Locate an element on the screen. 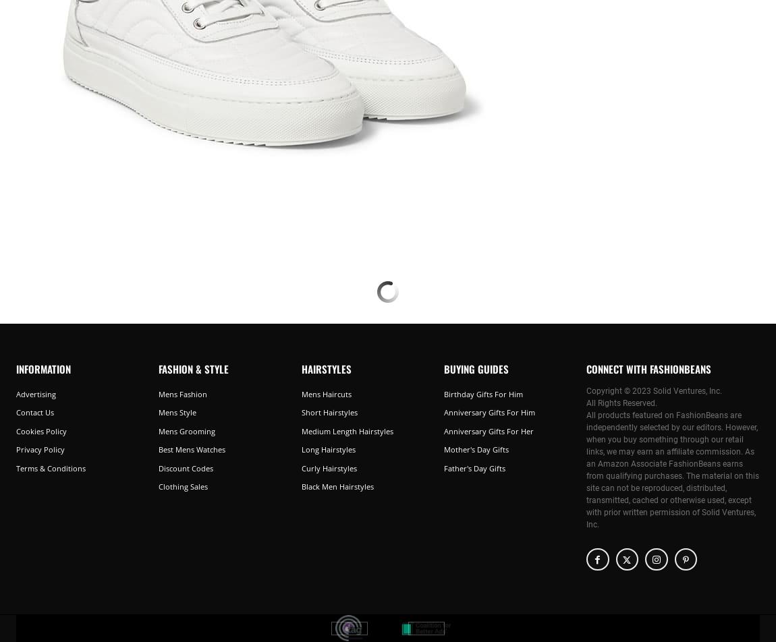 The image size is (776, 642). 'Black Men Hairstyles' is located at coordinates (337, 486).